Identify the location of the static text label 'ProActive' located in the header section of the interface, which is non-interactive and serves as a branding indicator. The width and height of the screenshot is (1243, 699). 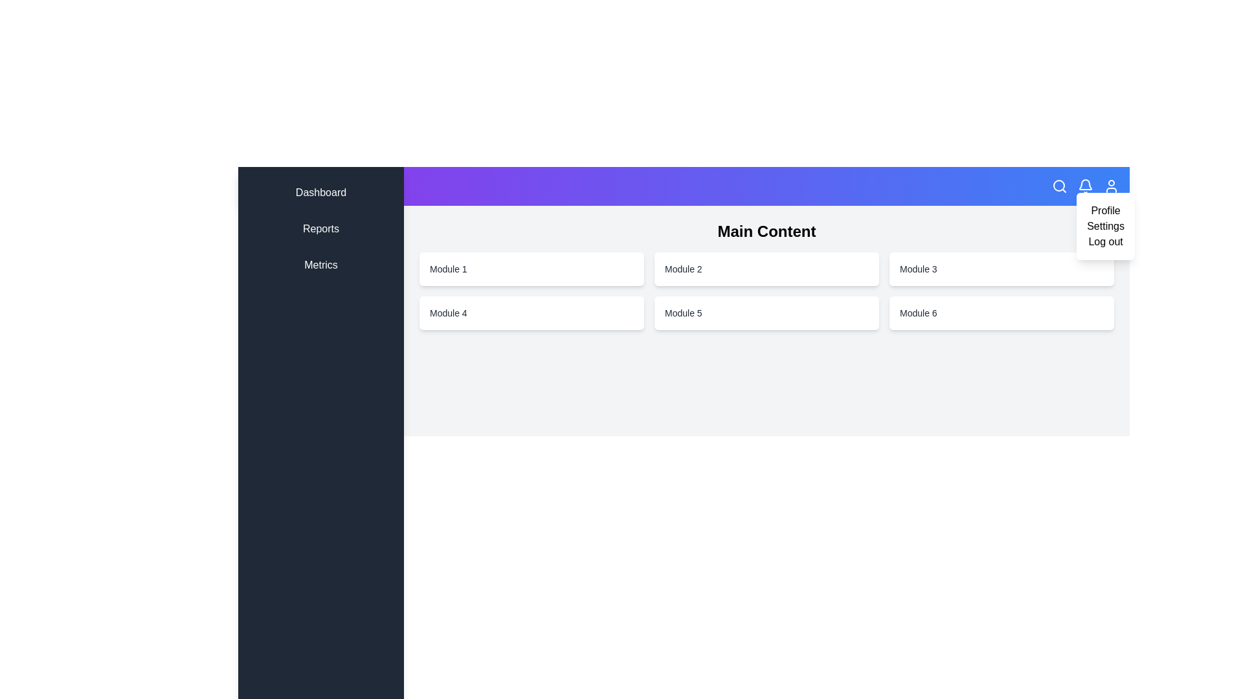
(291, 186).